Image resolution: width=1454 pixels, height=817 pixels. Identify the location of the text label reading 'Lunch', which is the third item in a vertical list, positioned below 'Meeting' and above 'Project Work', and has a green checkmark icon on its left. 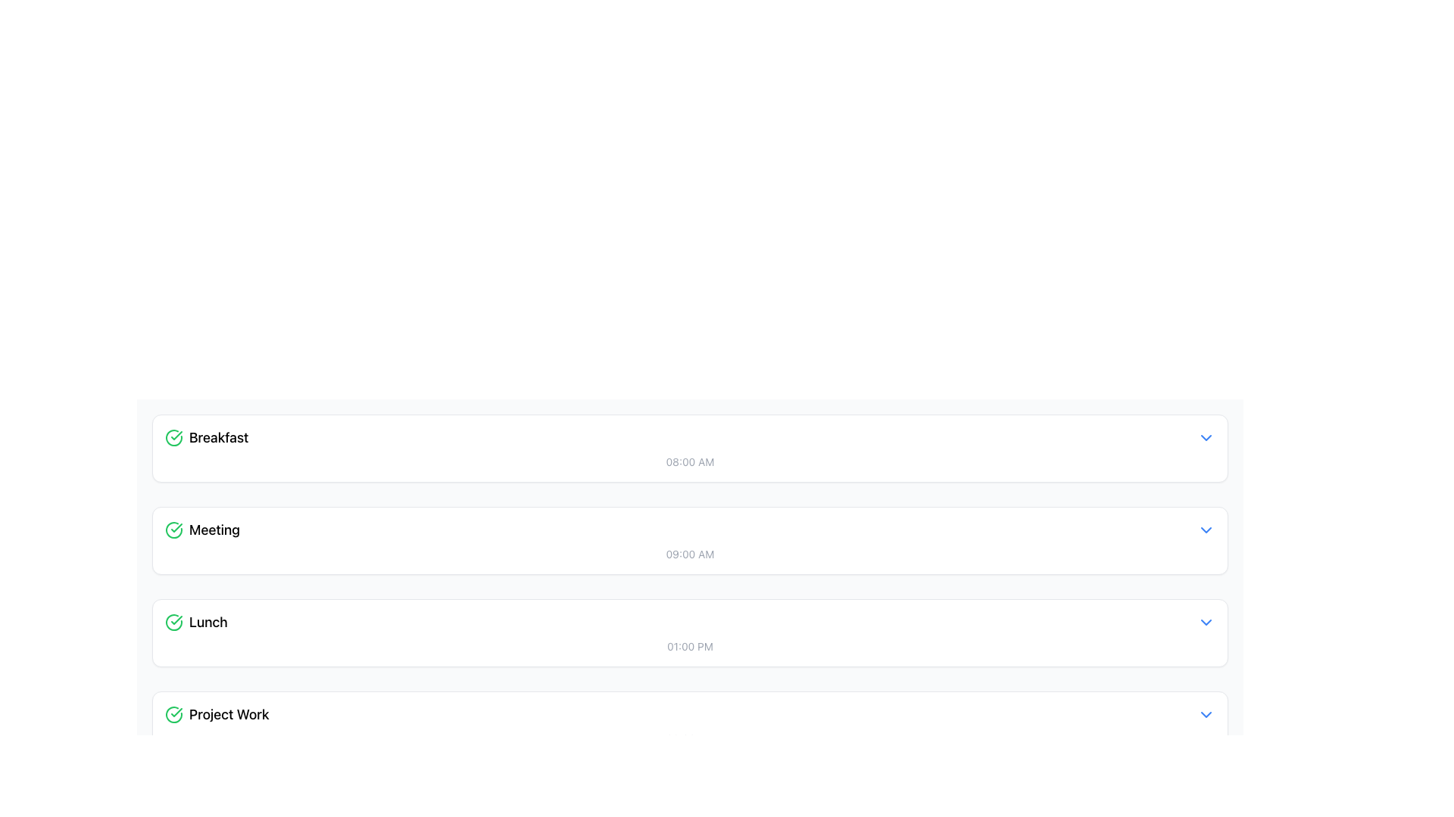
(207, 622).